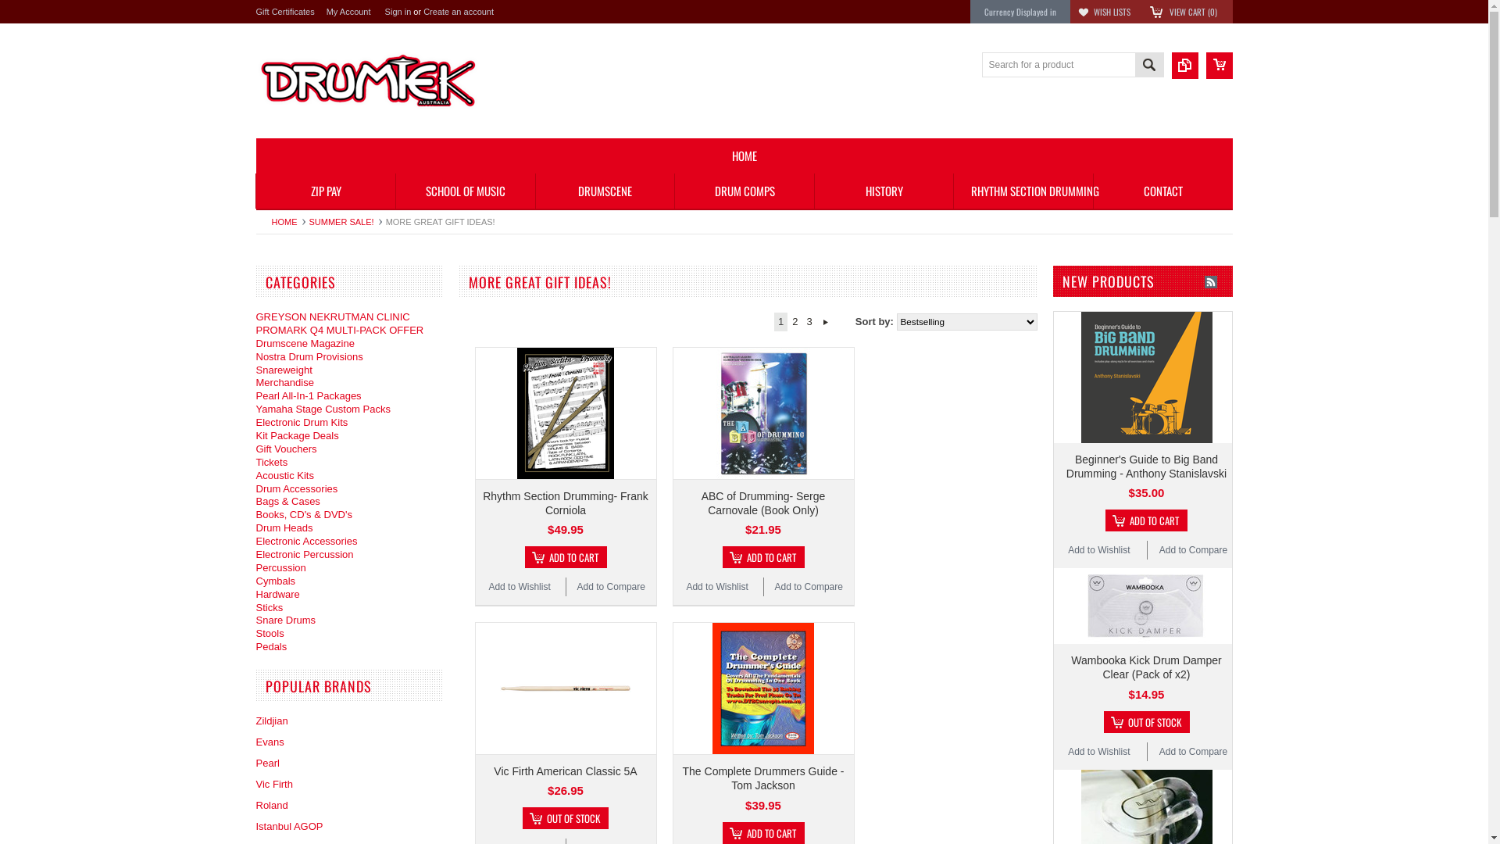 The width and height of the screenshot is (1500, 844). Describe the element at coordinates (348, 12) in the screenshot. I see `'My Account'` at that location.